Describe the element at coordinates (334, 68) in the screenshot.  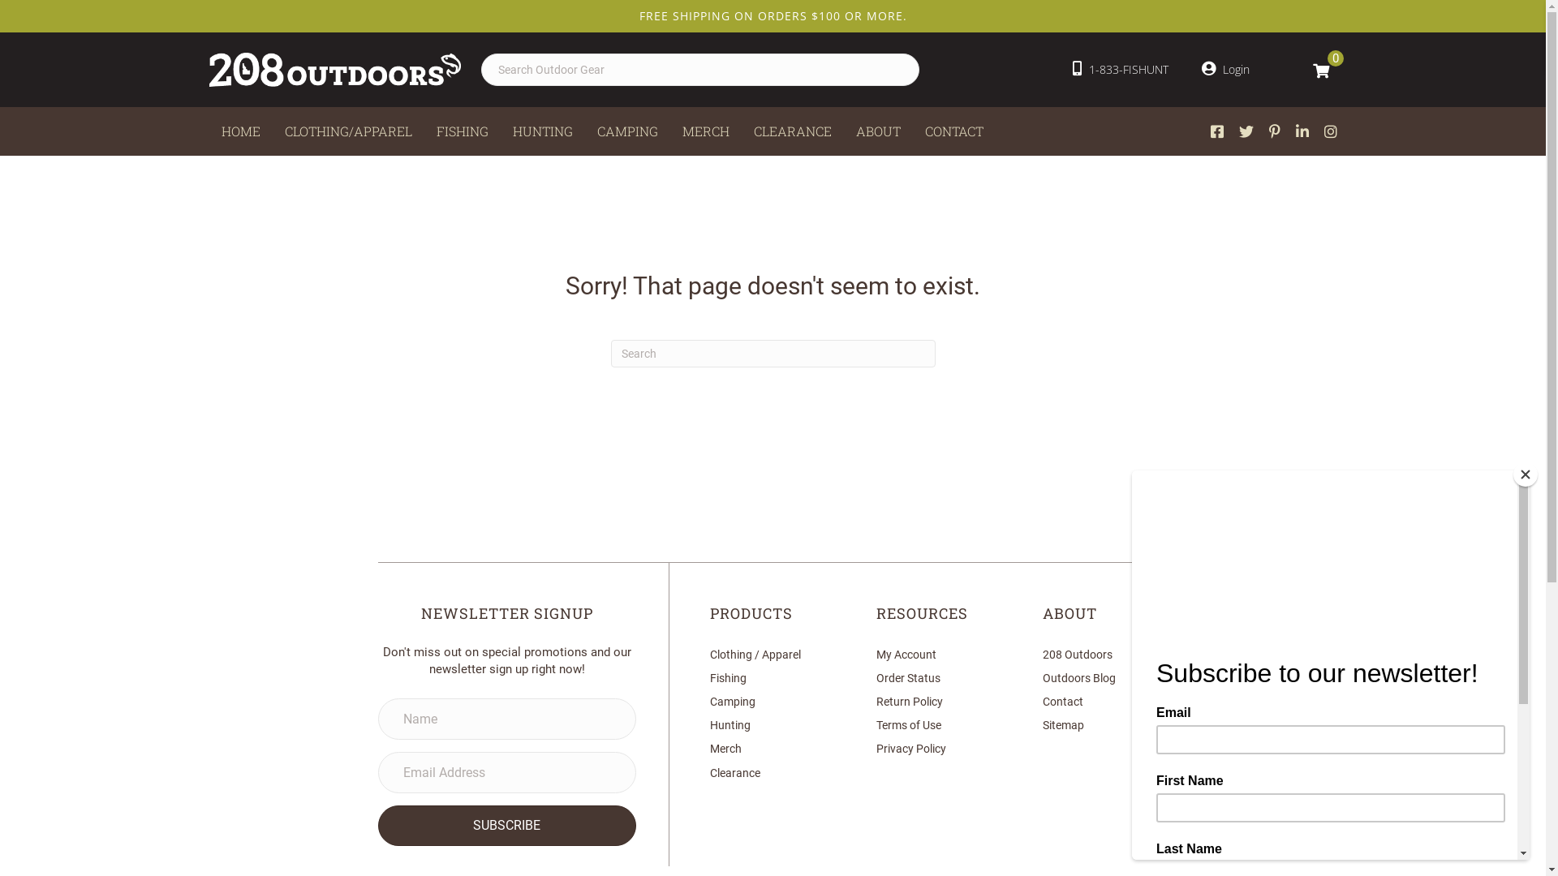
I see `'208Outdoors-web-logo-white-horiz-256px@2x'` at that location.